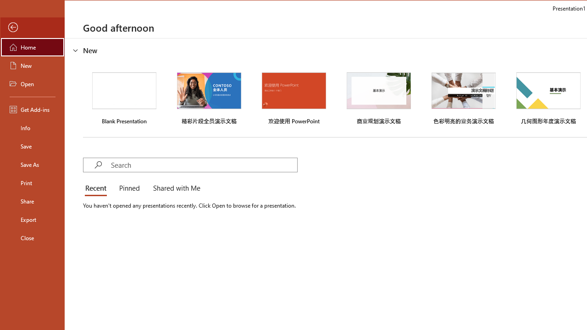 The height and width of the screenshot is (330, 587). What do you see at coordinates (33, 27) in the screenshot?
I see `'Back'` at bounding box center [33, 27].